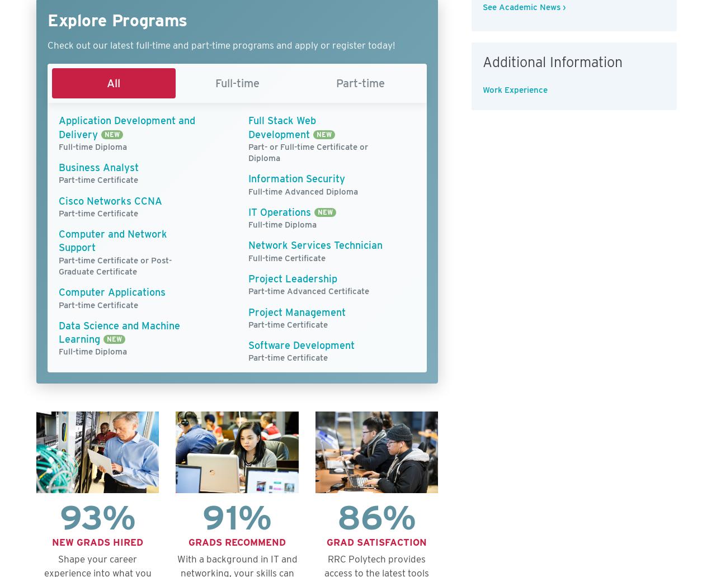 This screenshot has width=716, height=577. I want to click on 'Data Science and Machine Learning', so click(119, 332).